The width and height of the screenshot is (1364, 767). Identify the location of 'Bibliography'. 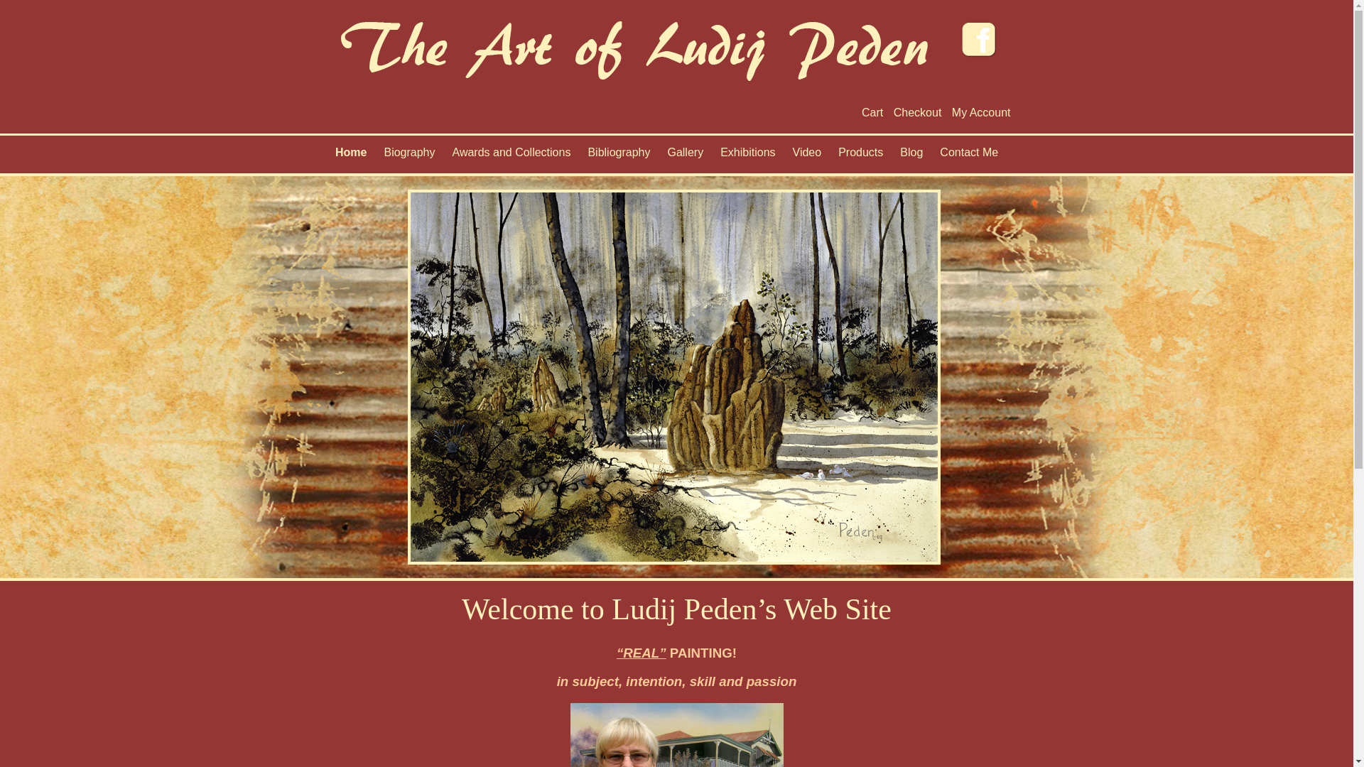
(580, 156).